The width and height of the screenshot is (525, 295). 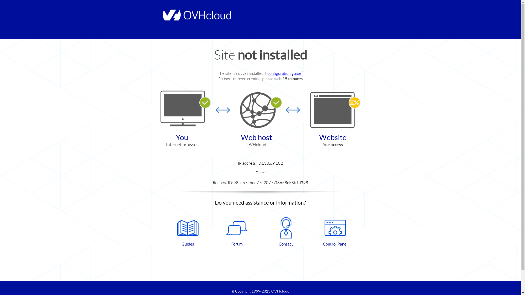 I want to click on 'Contact', so click(x=286, y=232).